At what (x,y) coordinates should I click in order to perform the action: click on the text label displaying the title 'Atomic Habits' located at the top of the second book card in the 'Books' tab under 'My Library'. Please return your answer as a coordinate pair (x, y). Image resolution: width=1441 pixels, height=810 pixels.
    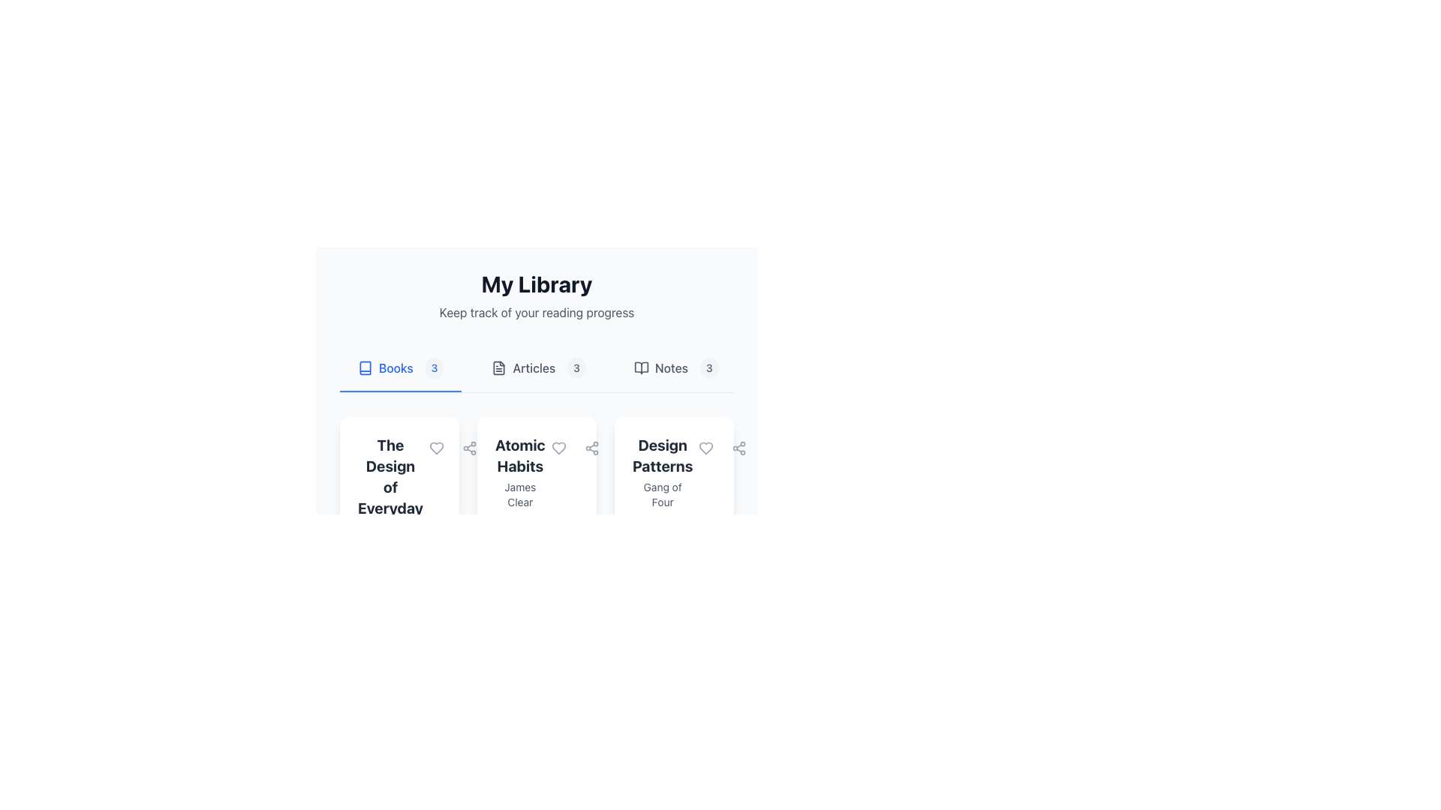
    Looking at the image, I should click on (520, 455).